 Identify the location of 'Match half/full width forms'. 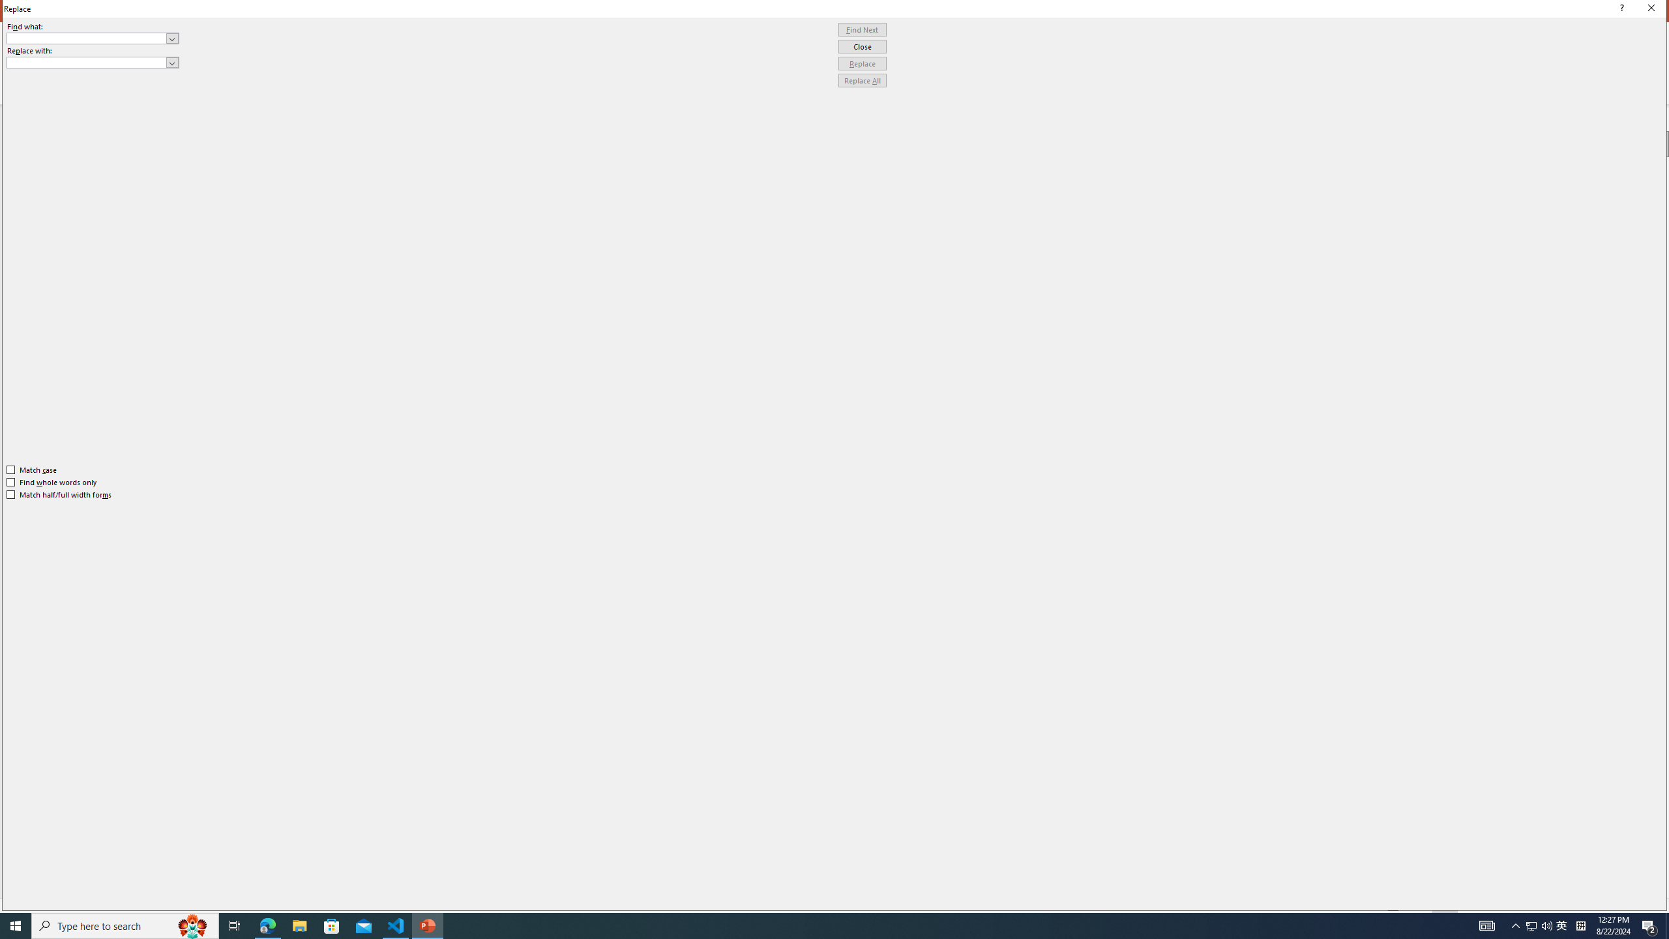
(59, 494).